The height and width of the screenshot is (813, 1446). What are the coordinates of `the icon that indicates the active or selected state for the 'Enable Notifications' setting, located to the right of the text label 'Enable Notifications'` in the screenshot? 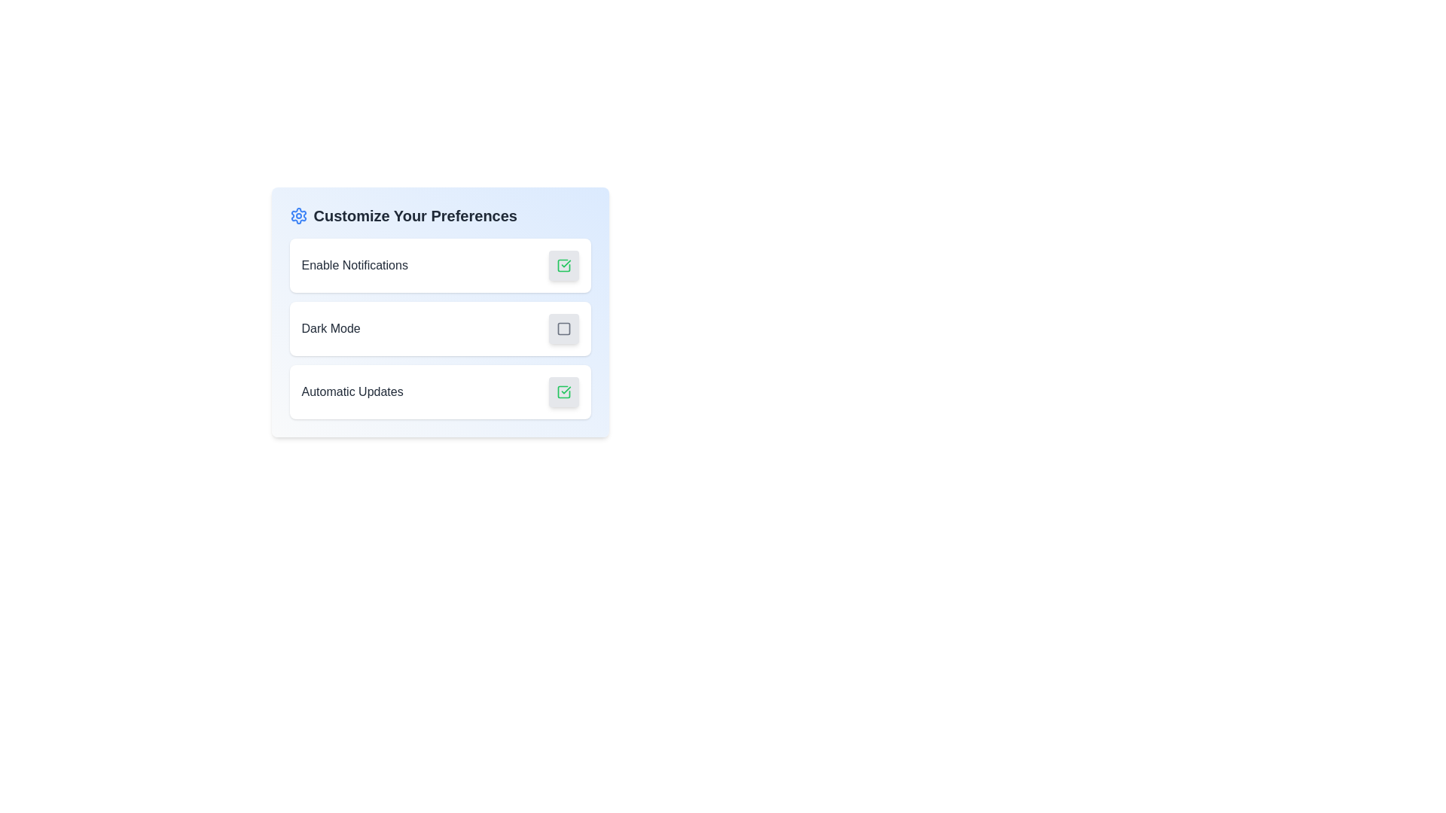 It's located at (563, 265).